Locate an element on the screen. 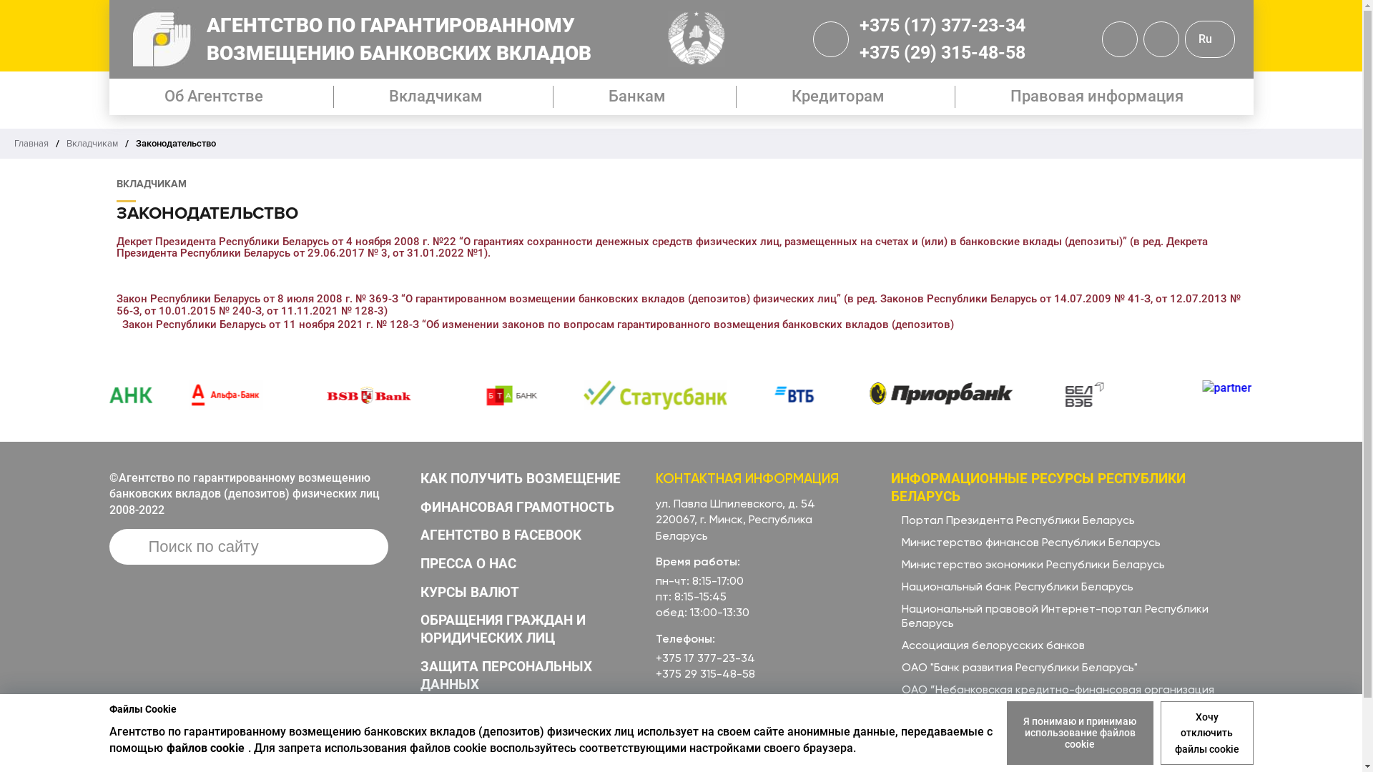 This screenshot has height=772, width=1373. '+375 (17) 377-23-34' is located at coordinates (943, 26).